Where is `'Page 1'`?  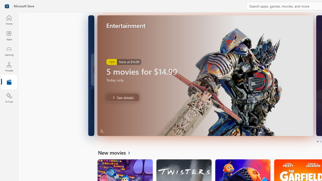
'Page 1' is located at coordinates (317, 142).